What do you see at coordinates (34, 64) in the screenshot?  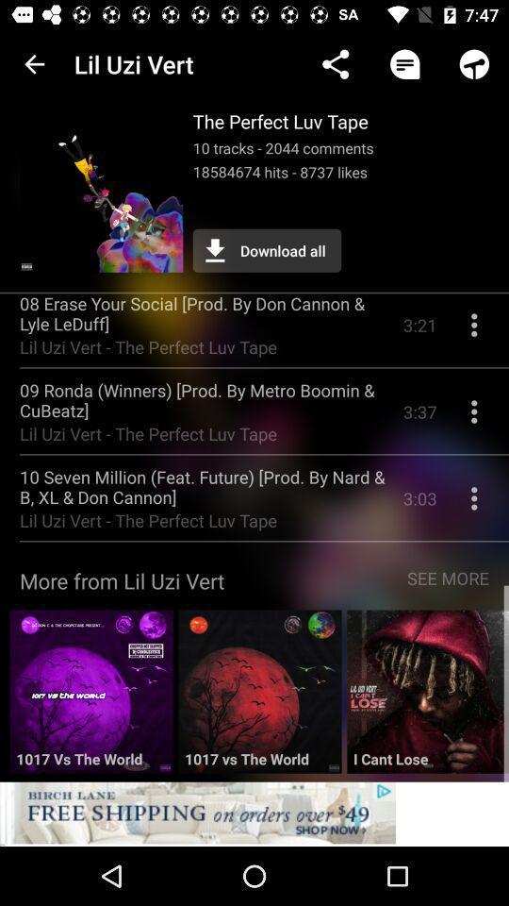 I see `item next to lil uzi vert icon` at bounding box center [34, 64].